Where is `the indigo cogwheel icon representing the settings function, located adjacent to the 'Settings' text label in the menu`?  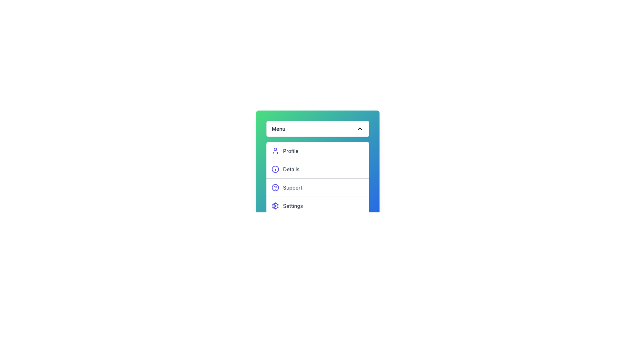
the indigo cogwheel icon representing the settings function, located adjacent to the 'Settings' text label in the menu is located at coordinates (275, 206).